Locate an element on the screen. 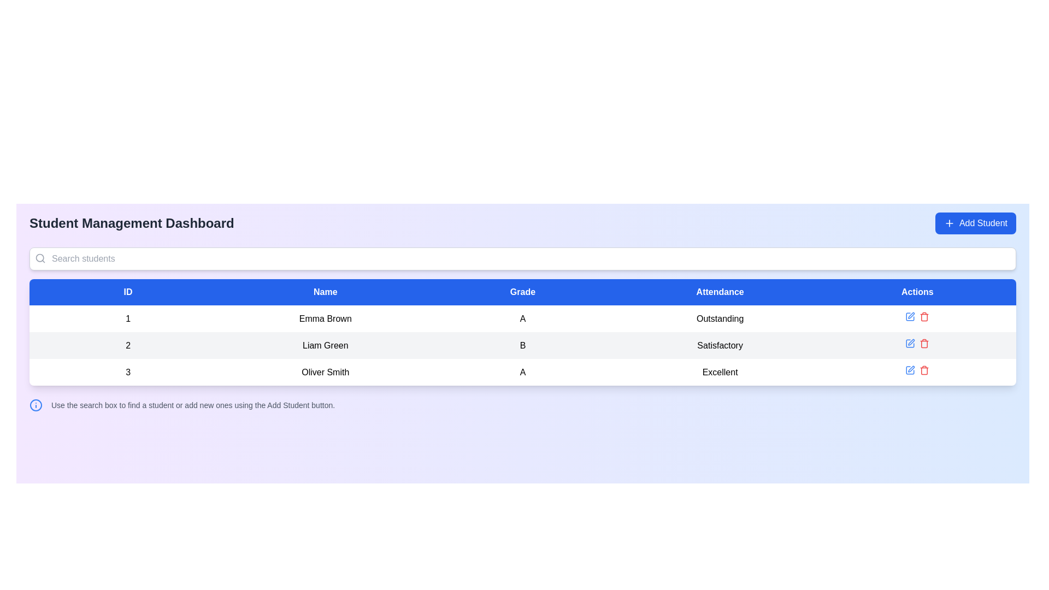 This screenshot has height=590, width=1049. the Text label in the second row of the table under the 'ID' column that identifies the entry for 'Liam Green' is located at coordinates (128, 345).